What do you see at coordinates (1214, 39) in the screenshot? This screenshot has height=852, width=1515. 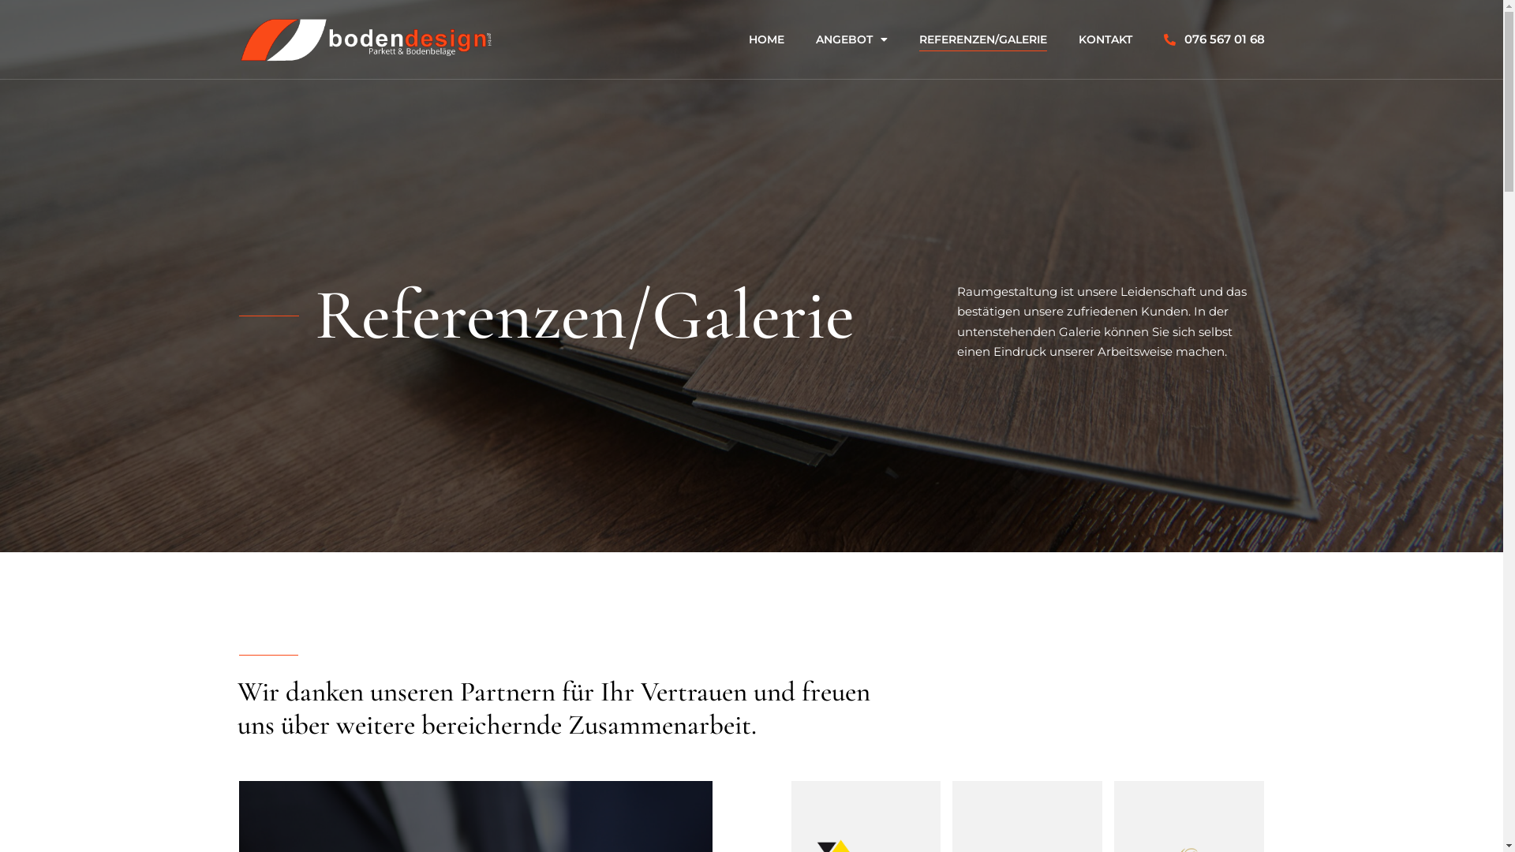 I see `'076 567 01 68'` at bounding box center [1214, 39].